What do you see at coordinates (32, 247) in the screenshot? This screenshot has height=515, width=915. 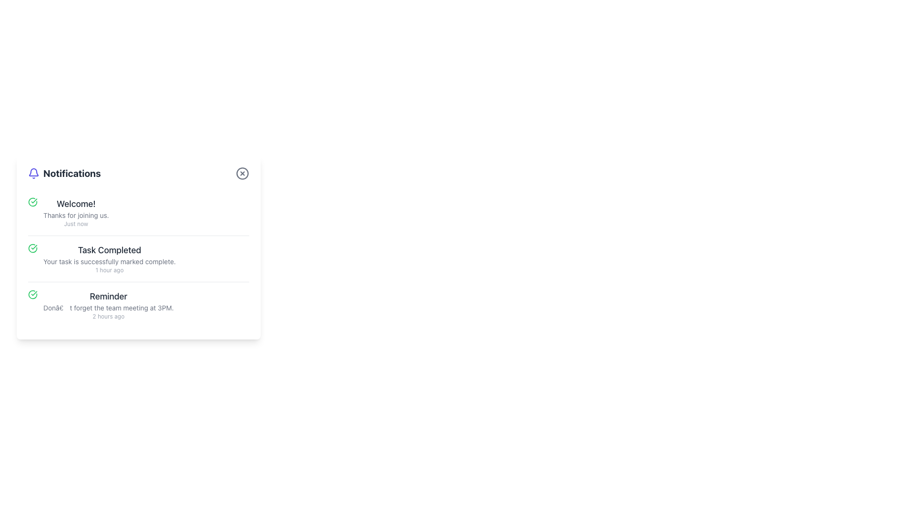 I see `the green checkmark icon indicating 'Task Completed' in the notification list` at bounding box center [32, 247].